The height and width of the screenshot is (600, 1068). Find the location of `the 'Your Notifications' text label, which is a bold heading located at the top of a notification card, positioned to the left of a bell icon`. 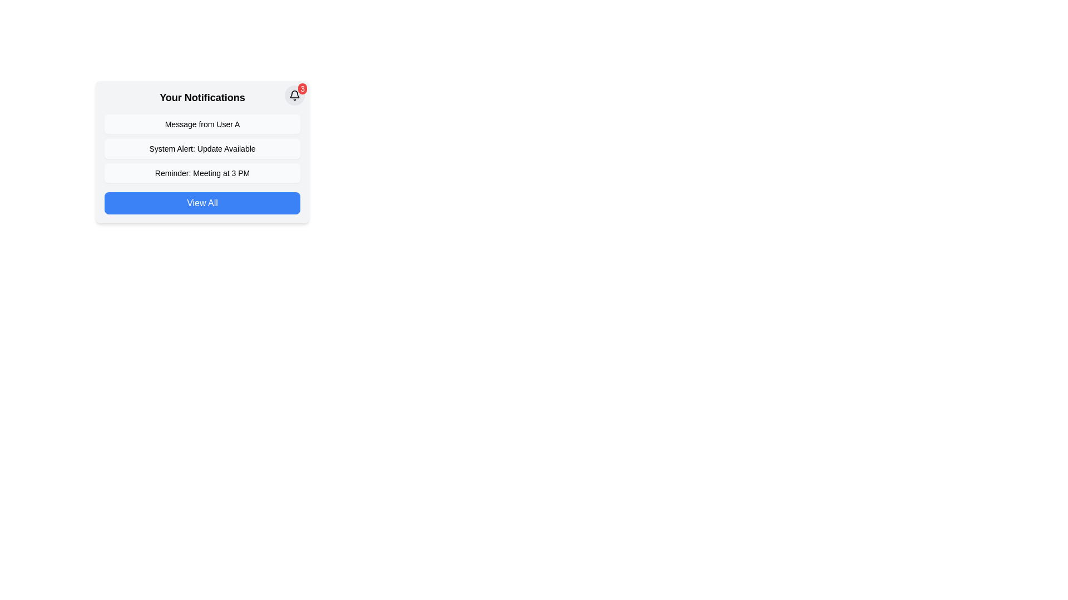

the 'Your Notifications' text label, which is a bold heading located at the top of a notification card, positioned to the left of a bell icon is located at coordinates (202, 97).